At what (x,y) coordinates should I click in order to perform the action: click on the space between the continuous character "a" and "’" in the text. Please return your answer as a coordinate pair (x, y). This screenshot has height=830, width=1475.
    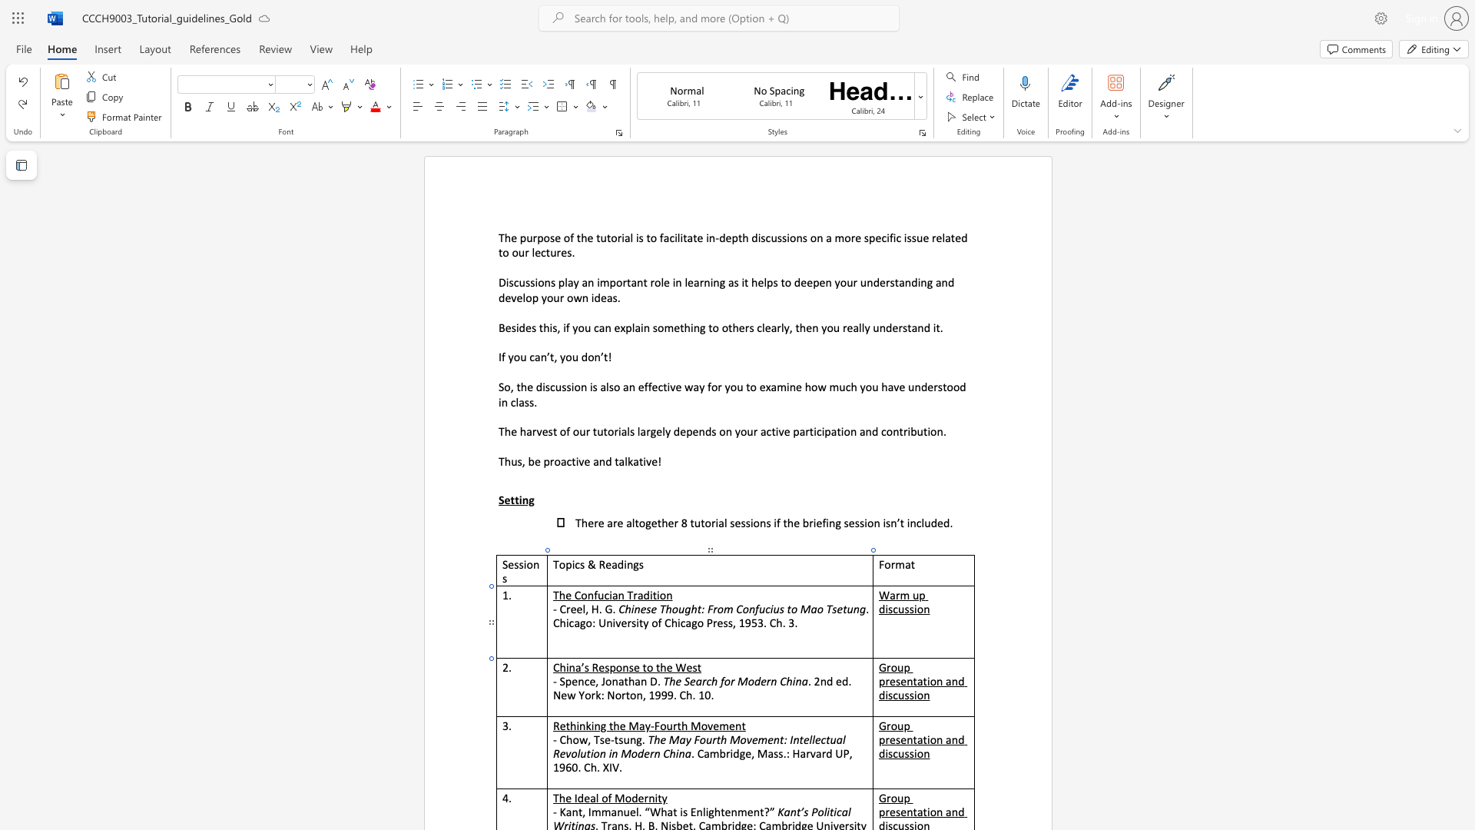
    Looking at the image, I should click on (579, 666).